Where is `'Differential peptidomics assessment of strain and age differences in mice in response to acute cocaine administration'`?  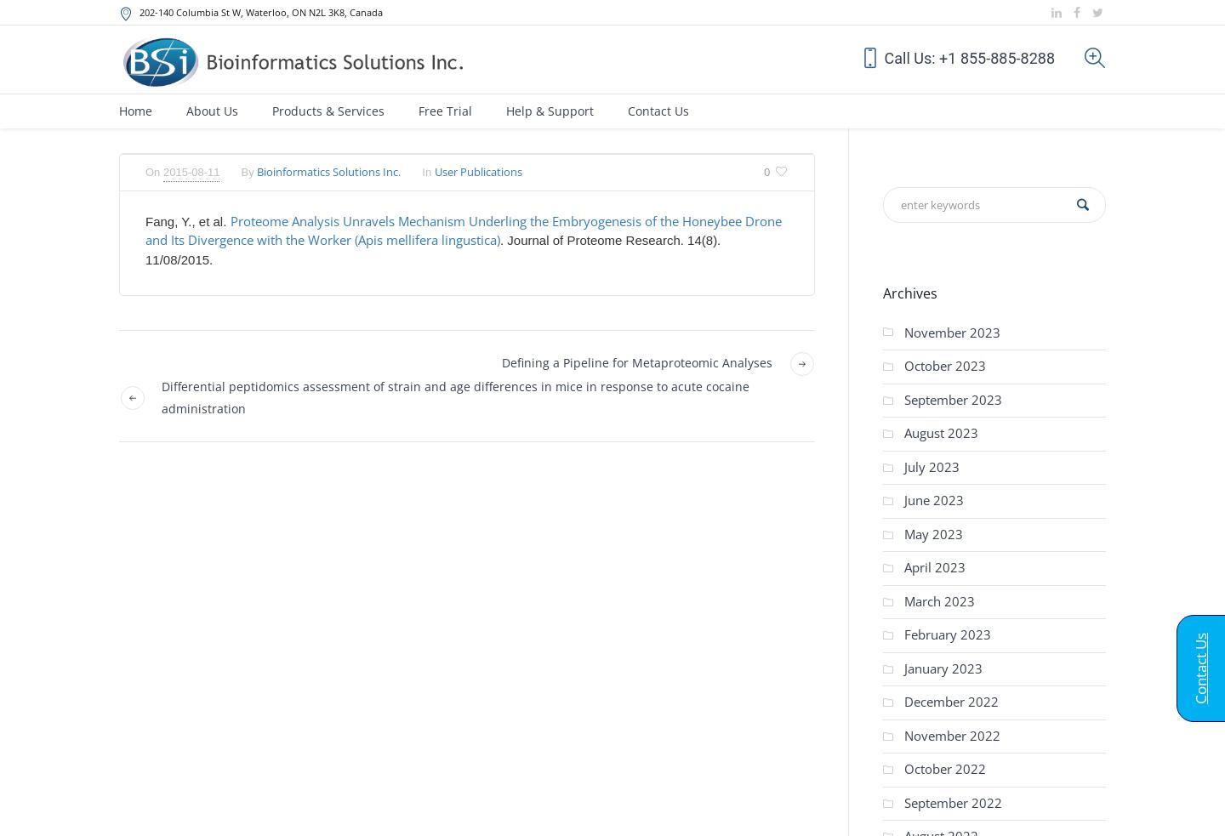
'Differential peptidomics assessment of strain and age differences in mice in response to acute cocaine administration' is located at coordinates (454, 396).